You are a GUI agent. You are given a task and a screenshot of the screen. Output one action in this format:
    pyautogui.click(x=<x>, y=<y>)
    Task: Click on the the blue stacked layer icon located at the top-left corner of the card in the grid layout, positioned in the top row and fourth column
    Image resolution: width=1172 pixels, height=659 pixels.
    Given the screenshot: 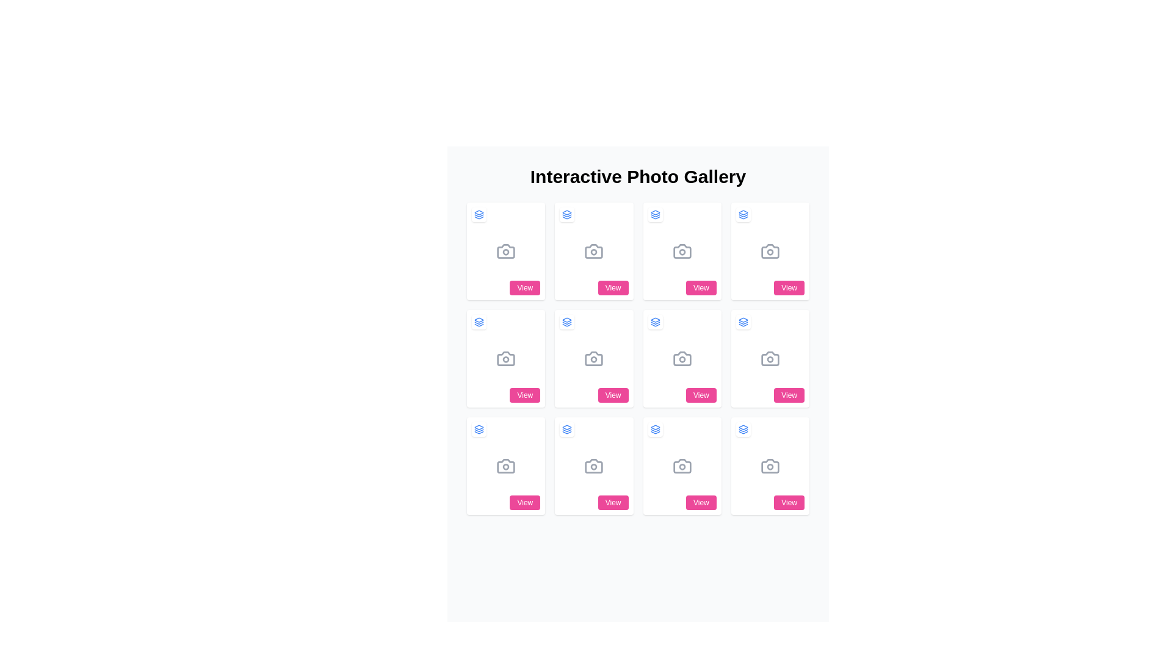 What is the action you would take?
    pyautogui.click(x=742, y=214)
    